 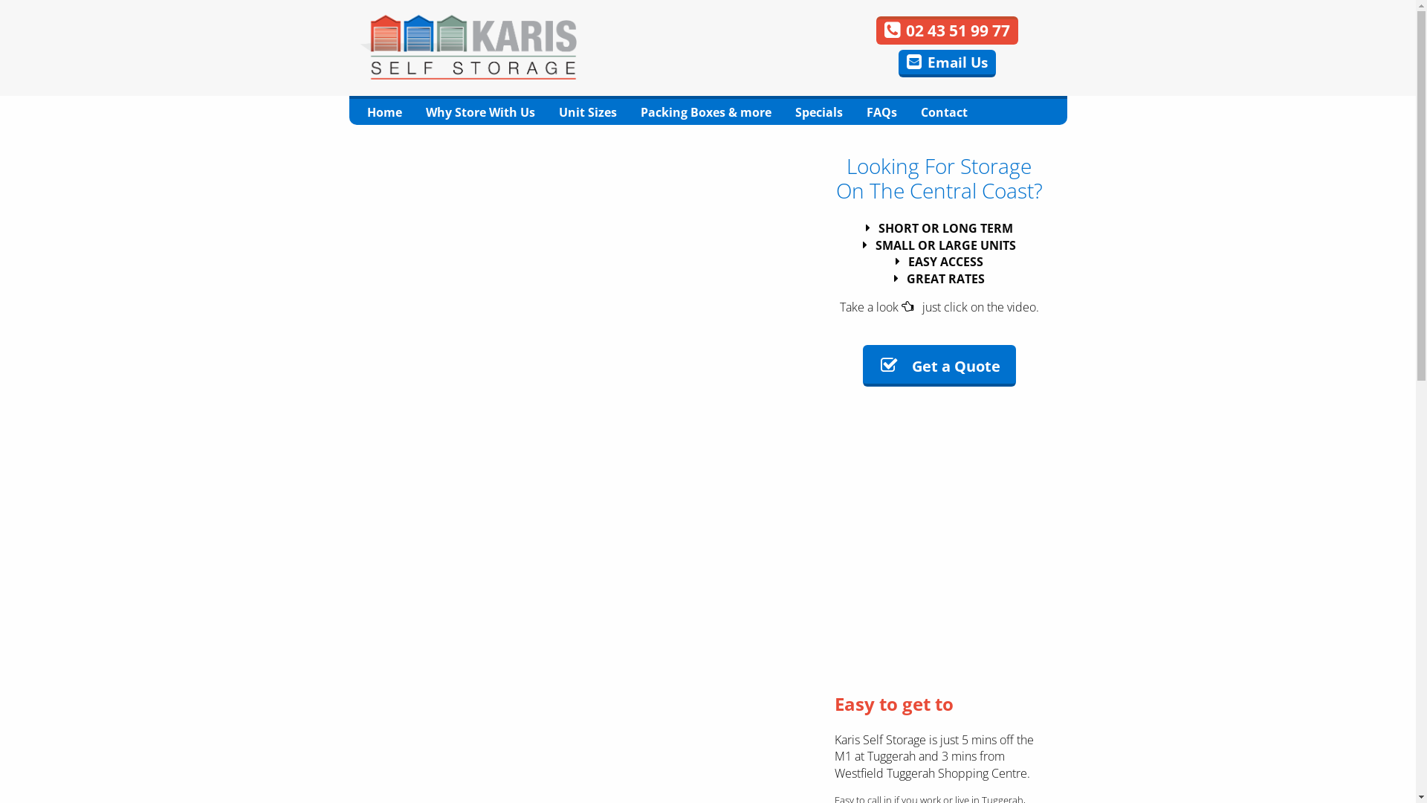 I want to click on 'Home...', so click(x=467, y=45).